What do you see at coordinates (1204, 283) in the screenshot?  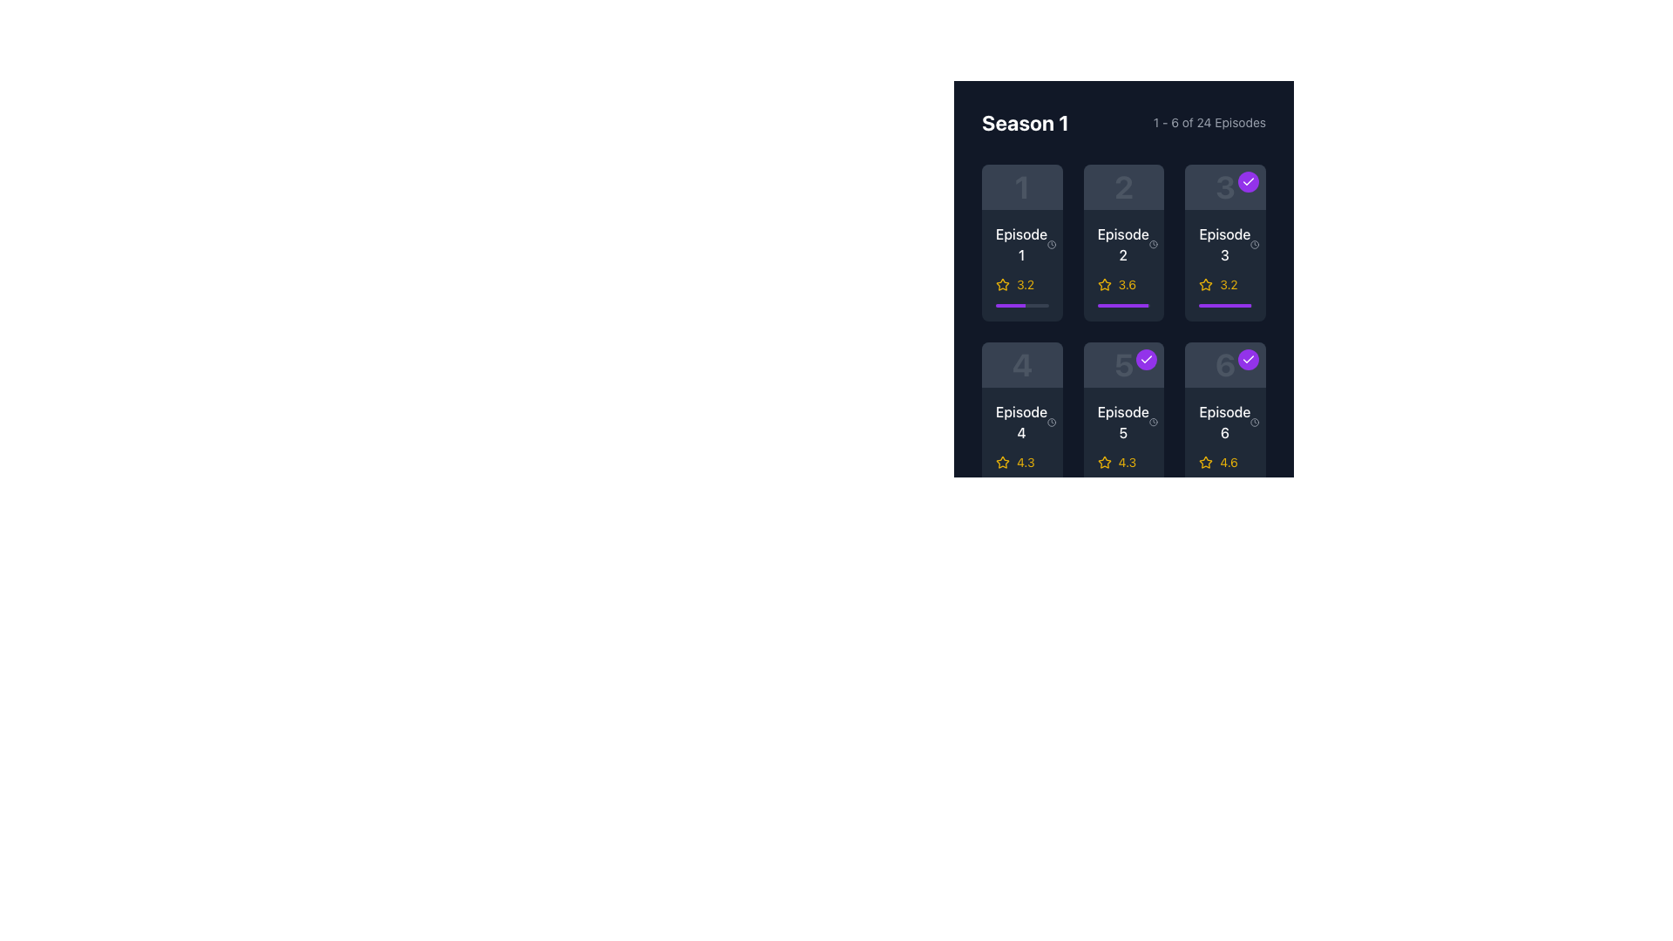 I see `the star icon located` at bounding box center [1204, 283].